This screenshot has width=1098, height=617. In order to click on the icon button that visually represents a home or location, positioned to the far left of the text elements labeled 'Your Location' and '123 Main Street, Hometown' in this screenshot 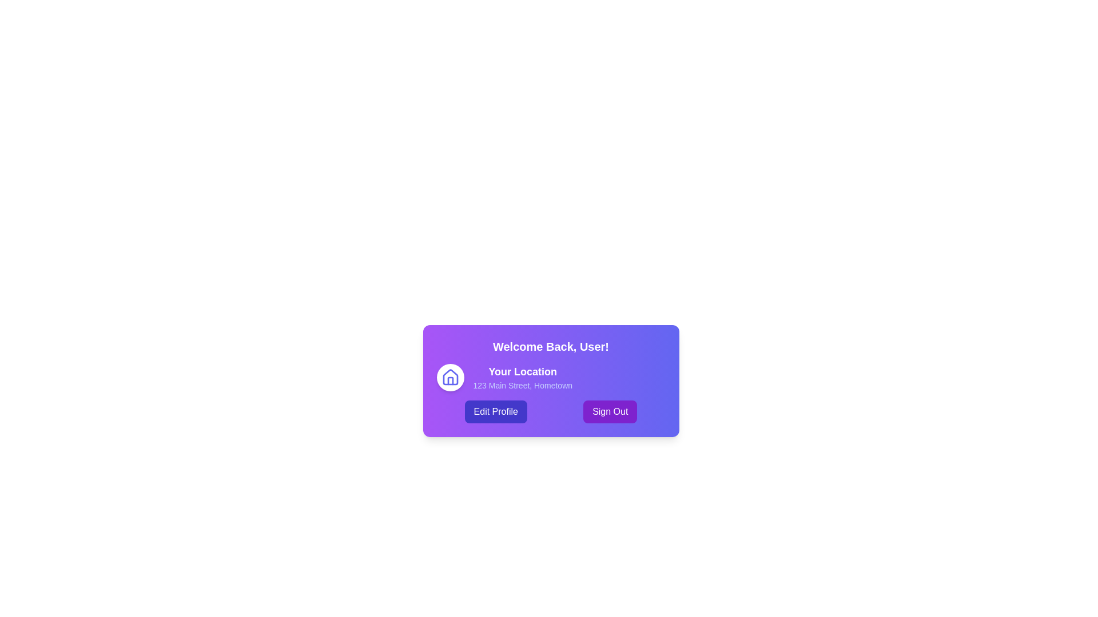, I will do `click(449, 377)`.